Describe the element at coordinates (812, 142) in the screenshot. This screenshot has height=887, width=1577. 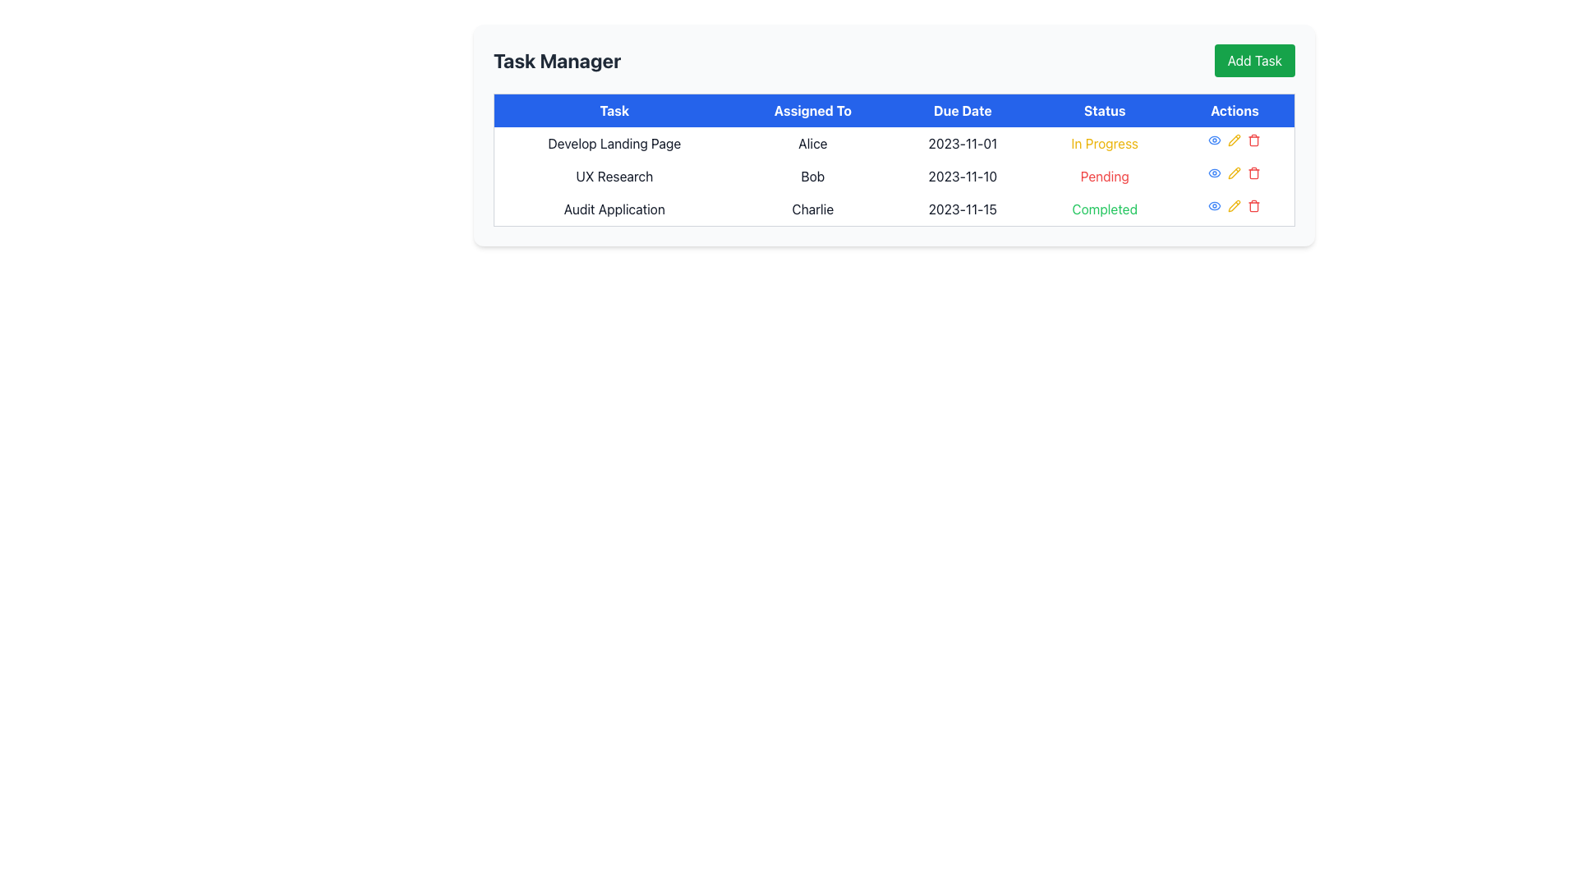
I see `the text label that indicates the assignee of the 'Develop Landing Page' task, located in the 'Assigned To' column of the task management table` at that location.